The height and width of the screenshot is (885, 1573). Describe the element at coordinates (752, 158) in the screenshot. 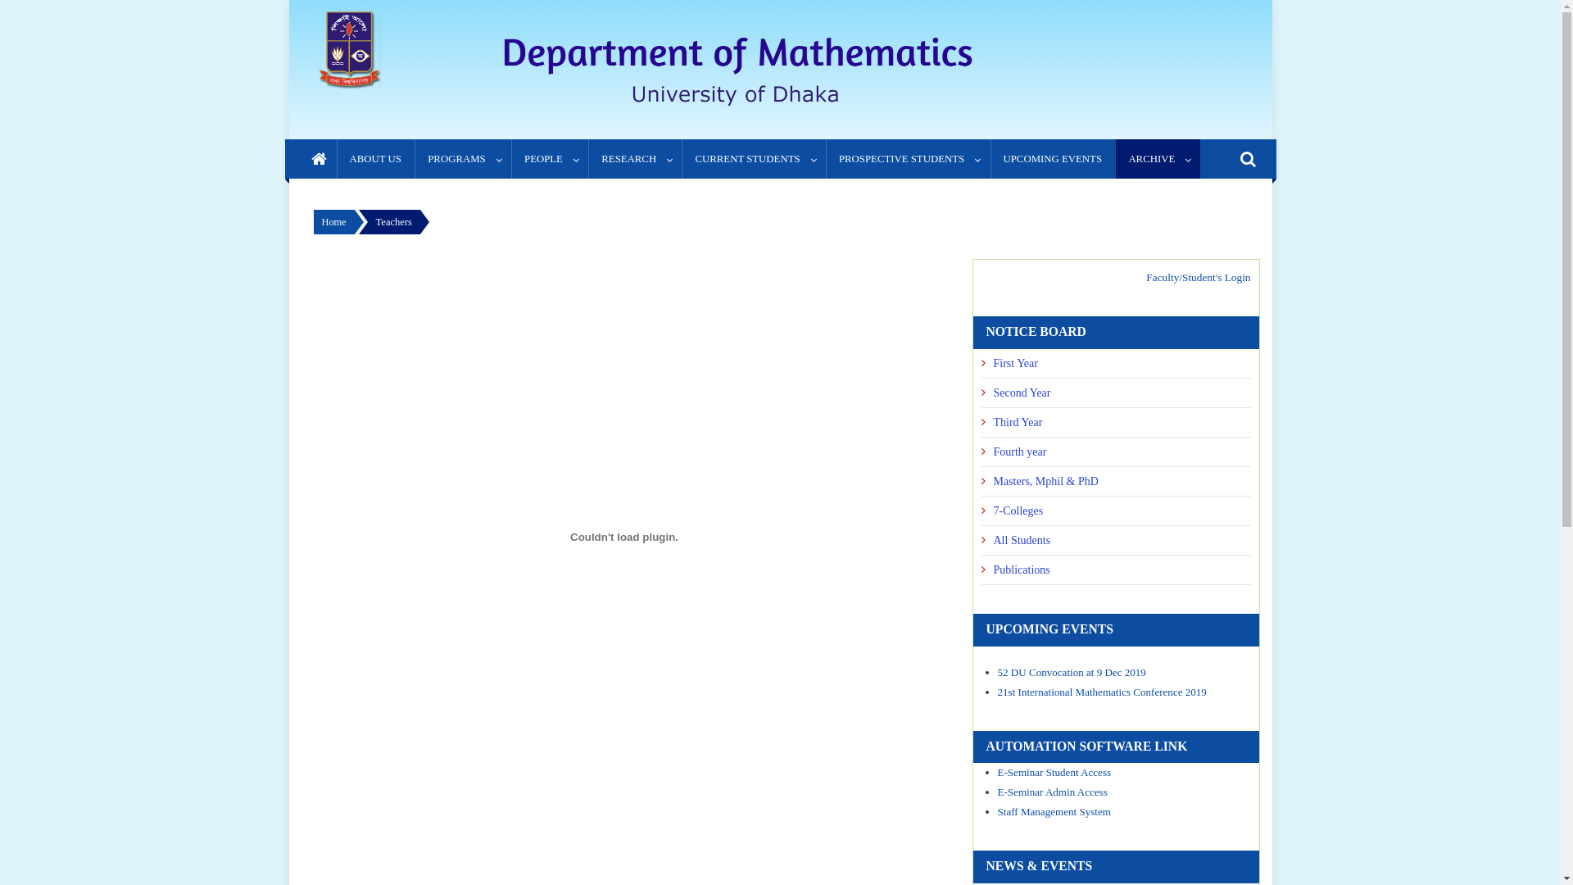

I see `'CURRENT STUDENTS'` at that location.